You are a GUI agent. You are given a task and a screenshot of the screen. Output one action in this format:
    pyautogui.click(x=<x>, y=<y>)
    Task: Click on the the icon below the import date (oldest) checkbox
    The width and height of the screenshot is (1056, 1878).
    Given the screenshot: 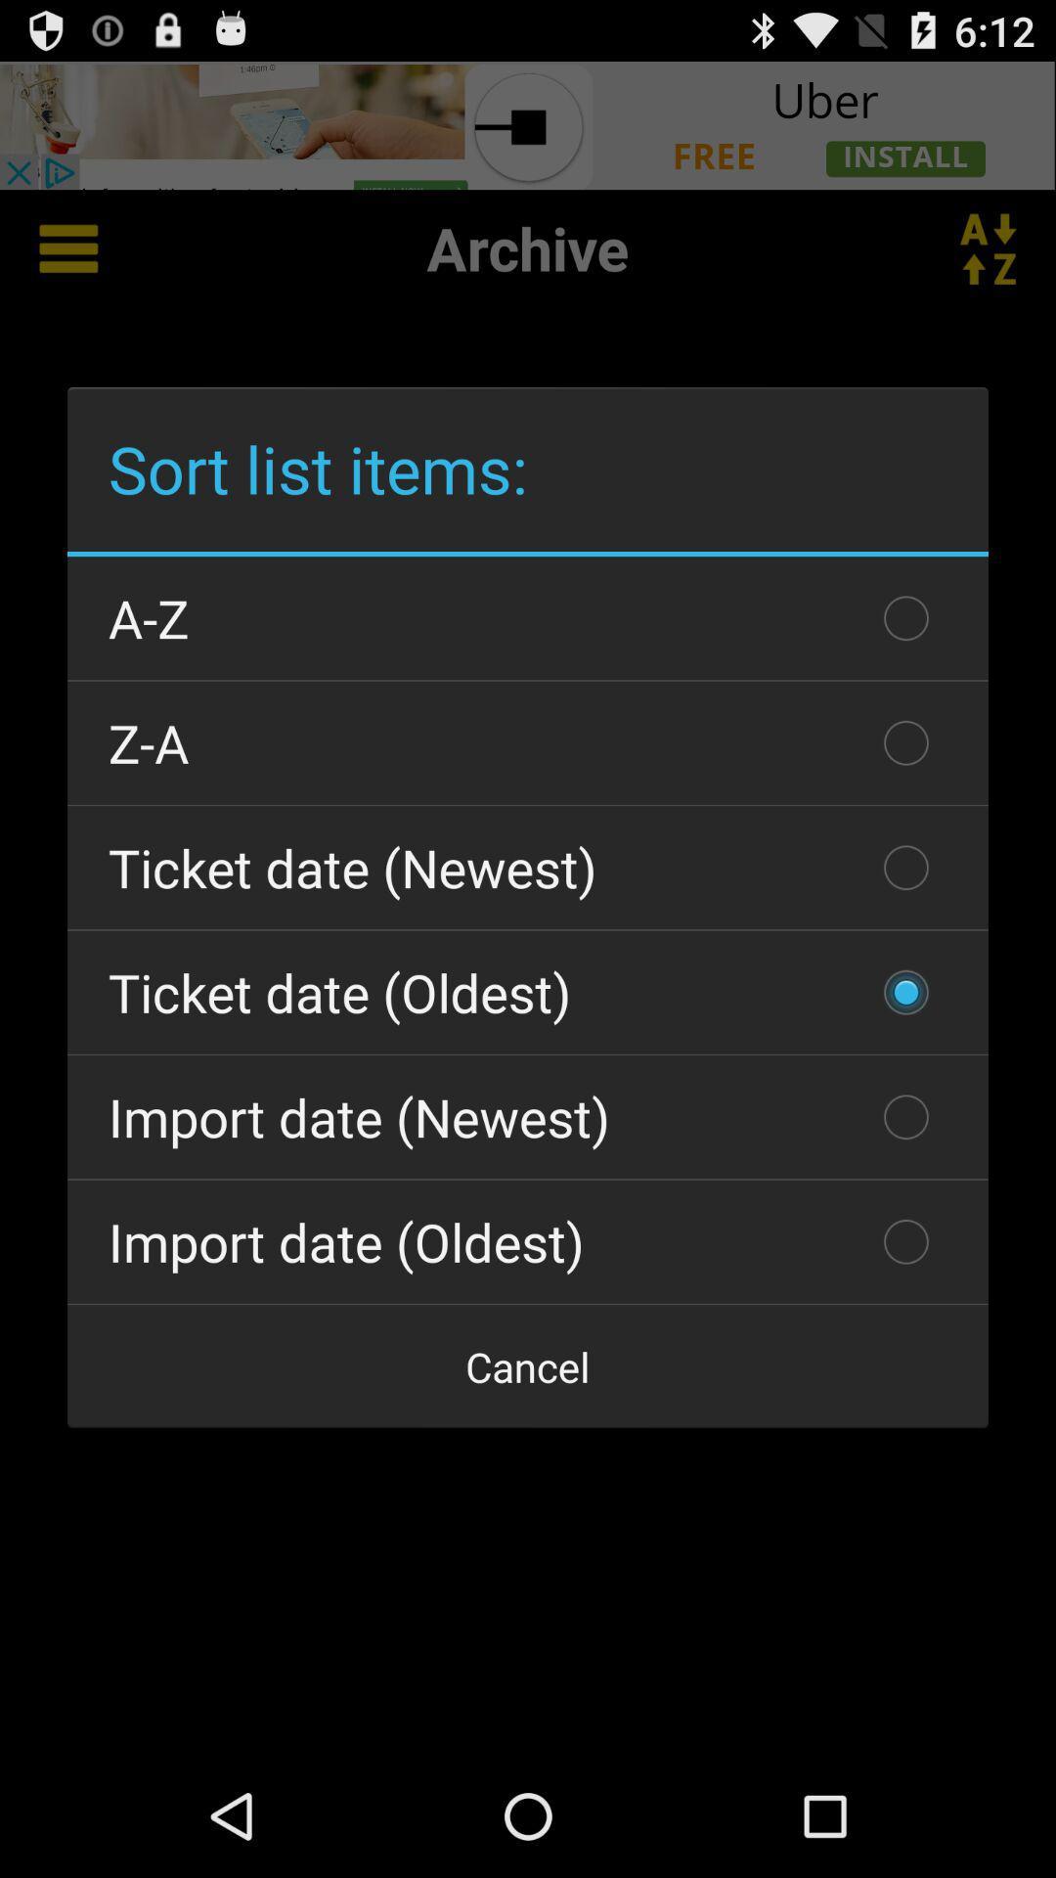 What is the action you would take?
    pyautogui.click(x=528, y=1365)
    